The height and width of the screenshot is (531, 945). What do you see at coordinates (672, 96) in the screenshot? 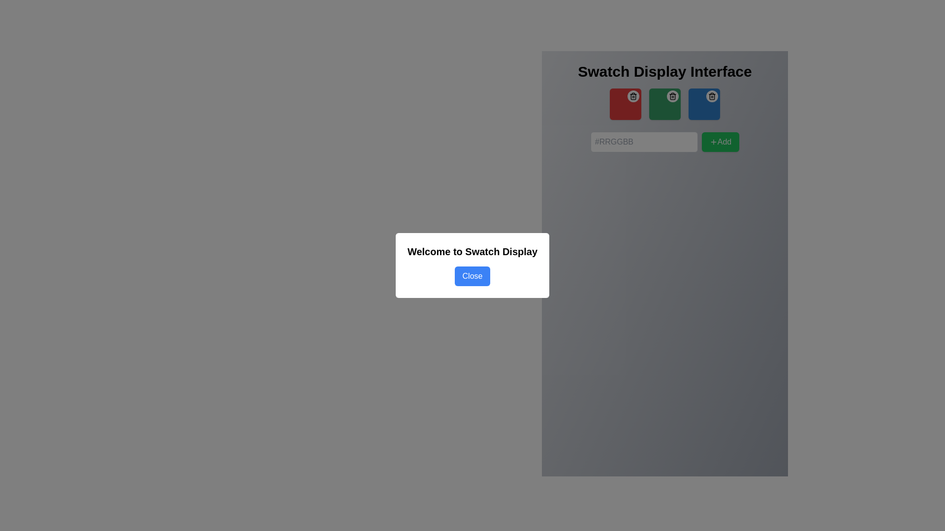
I see `the delete button located at the top-right corner of the second green swatch` at bounding box center [672, 96].